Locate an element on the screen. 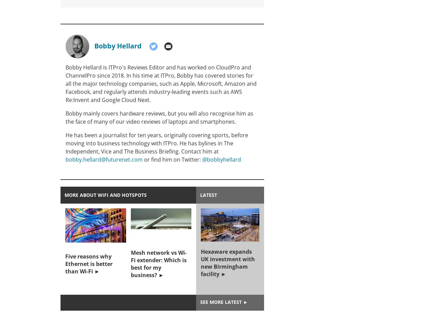 The image size is (448, 332). 'and' is located at coordinates (245, 67).